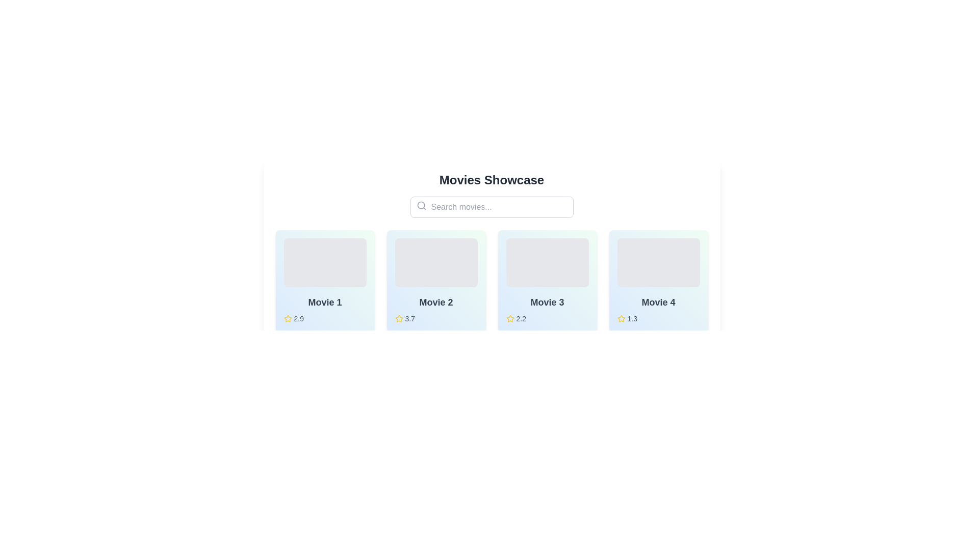 This screenshot has width=979, height=550. What do you see at coordinates (621, 318) in the screenshot?
I see `the star icon indicating the rating for 'Movie 4' located at the bottom-right area of the interface, near the rating text '1.3'` at bounding box center [621, 318].